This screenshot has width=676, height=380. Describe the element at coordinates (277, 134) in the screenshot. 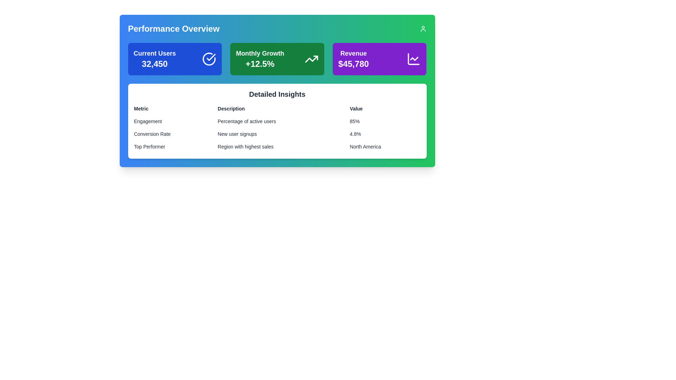

I see `the second table row element under 'Detailed Insights', which contains 'Conversion Rate', 'New user signups', and '4.8%'` at that location.